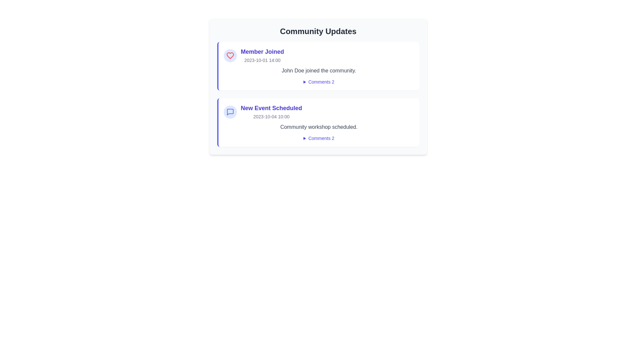 The height and width of the screenshot is (354, 629). Describe the element at coordinates (319, 82) in the screenshot. I see `the clickable link 'Comments 2' styled in gray and blue, located under 'John Doe joined the community' in the 'Member Joined' panel` at that location.